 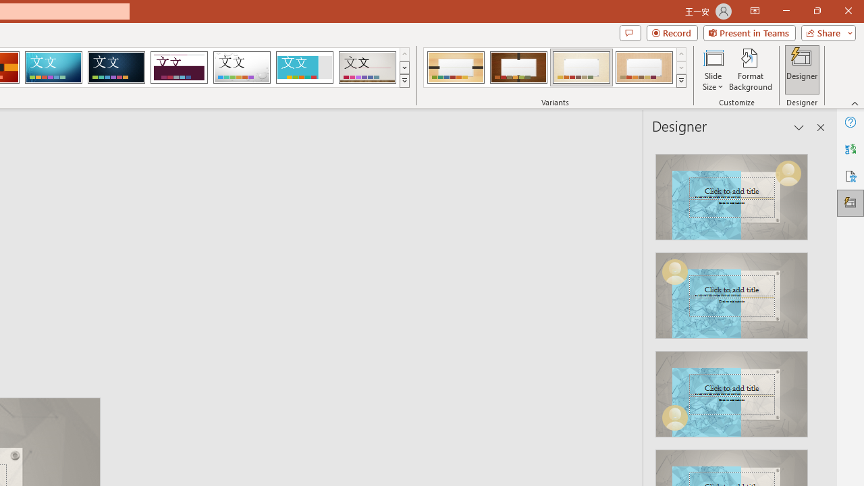 What do you see at coordinates (53, 67) in the screenshot?
I see `'Circuit'` at bounding box center [53, 67].